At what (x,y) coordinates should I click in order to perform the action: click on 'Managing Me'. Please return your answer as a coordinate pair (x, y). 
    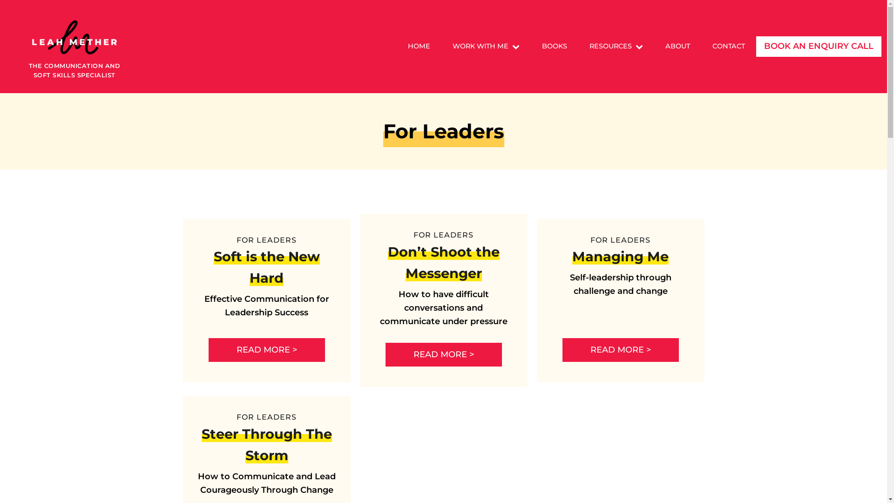
    Looking at the image, I should click on (620, 256).